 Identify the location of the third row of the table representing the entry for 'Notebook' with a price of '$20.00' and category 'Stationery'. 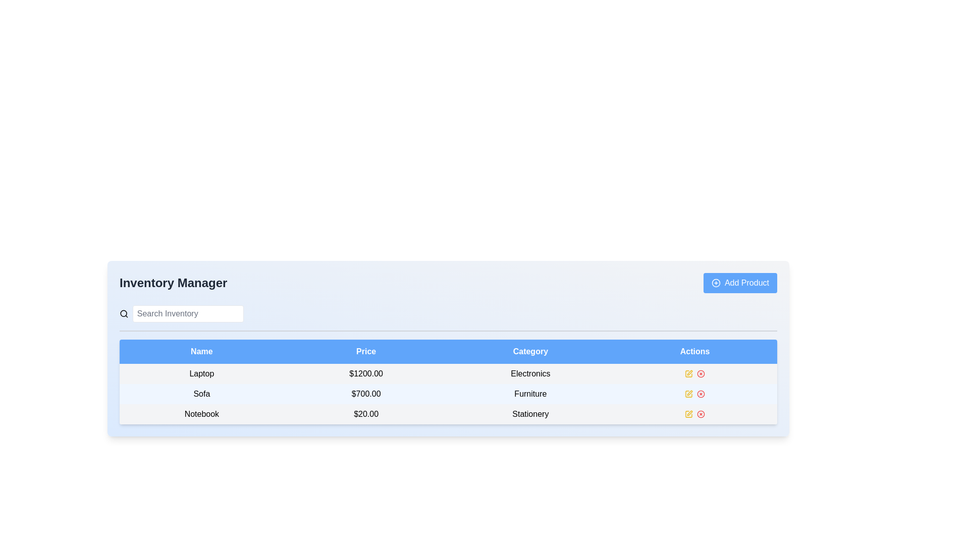
(448, 414).